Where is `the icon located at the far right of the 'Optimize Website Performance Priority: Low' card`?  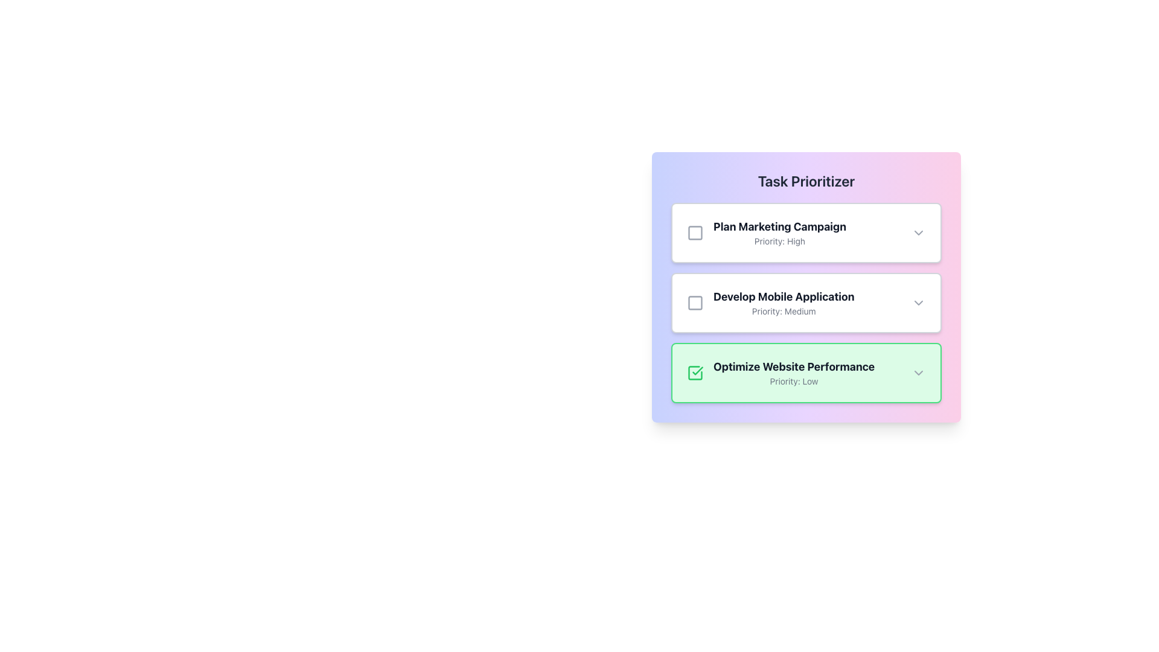
the icon located at the far right of the 'Optimize Website Performance Priority: Low' card is located at coordinates (918, 372).